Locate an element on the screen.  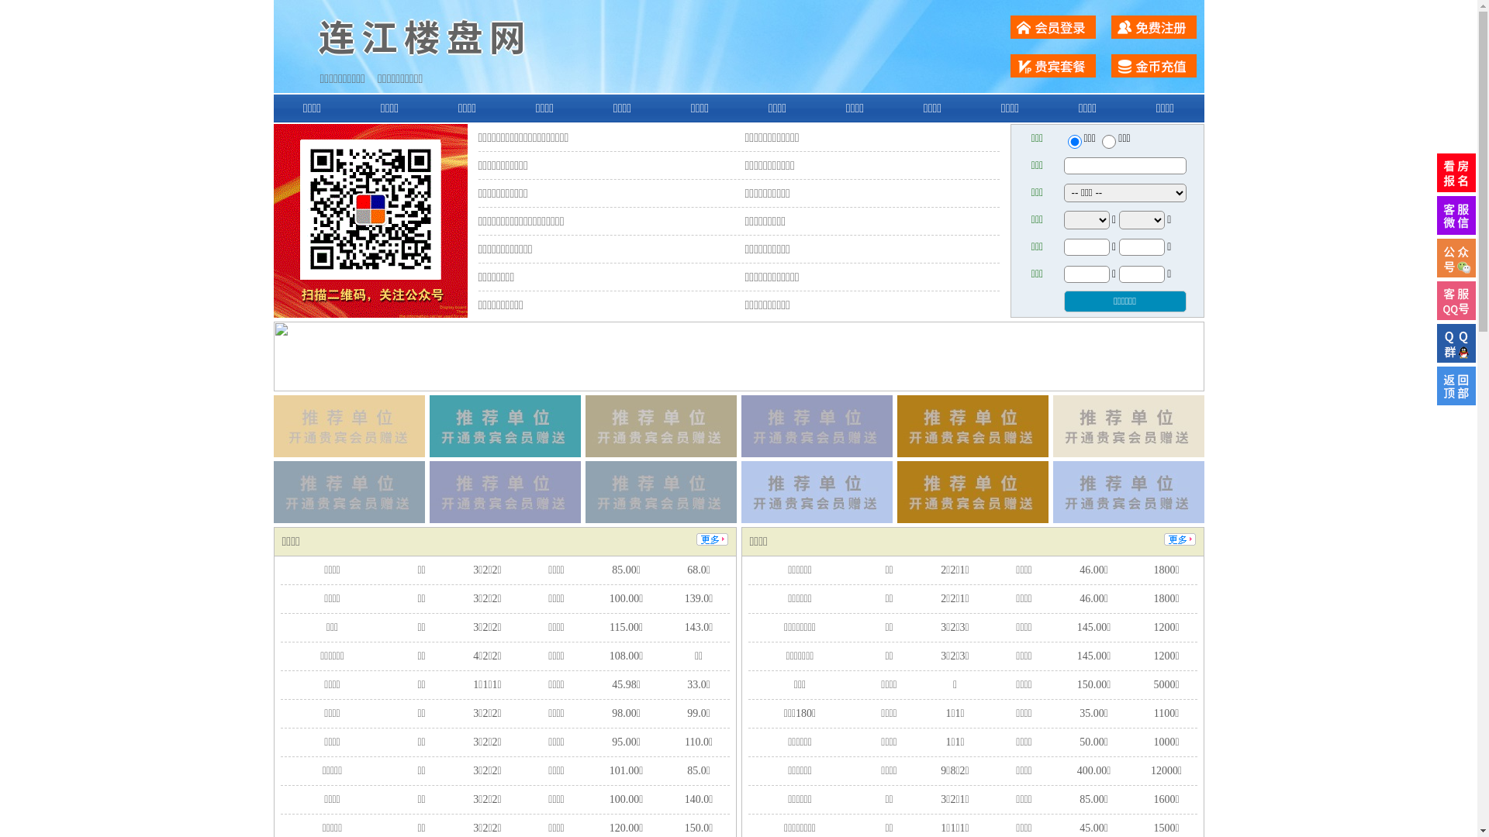
'chuzu' is located at coordinates (1108, 141).